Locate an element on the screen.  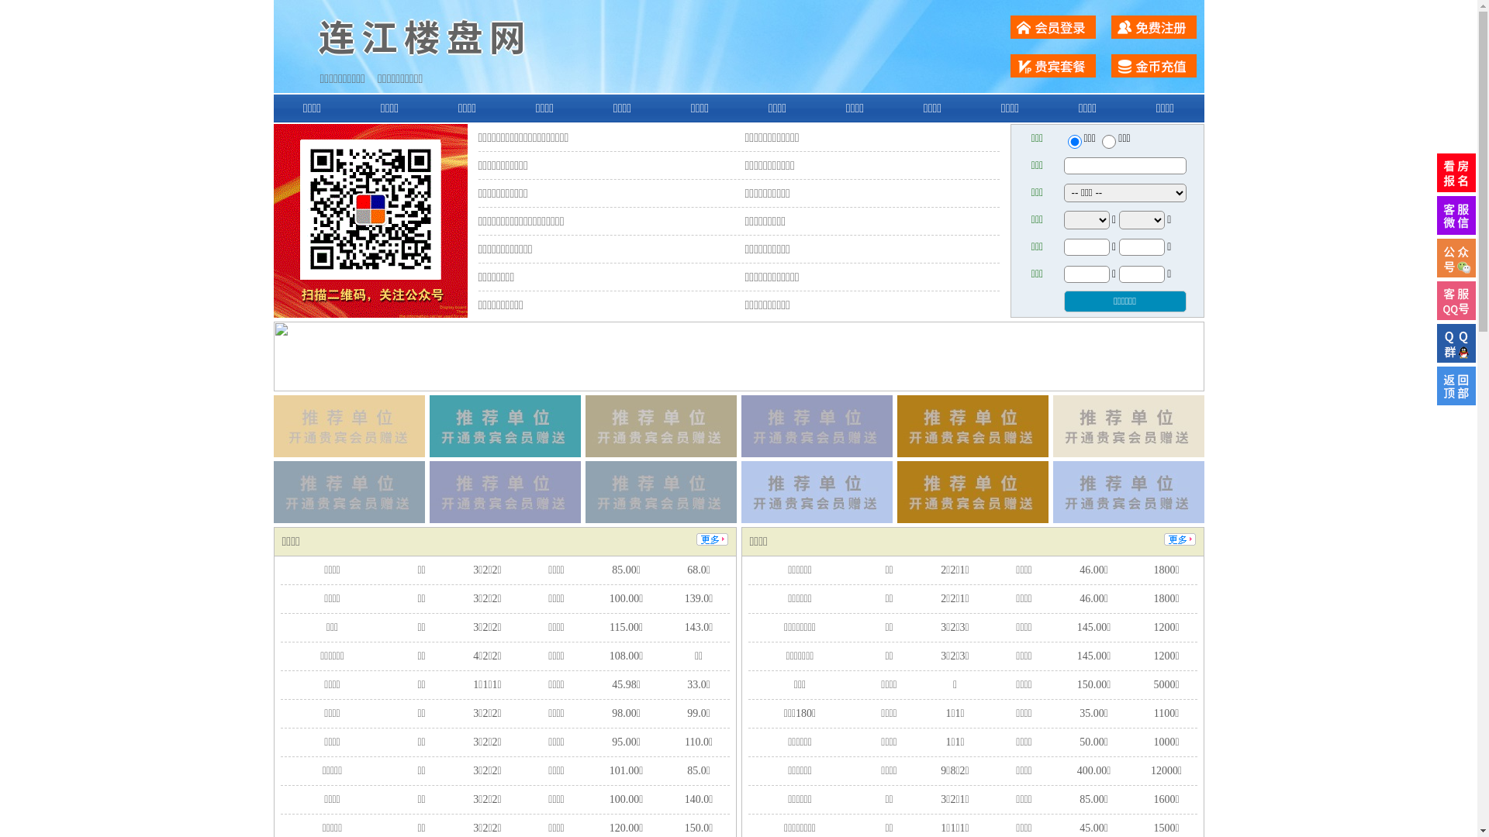
'chuzu' is located at coordinates (1108, 141).